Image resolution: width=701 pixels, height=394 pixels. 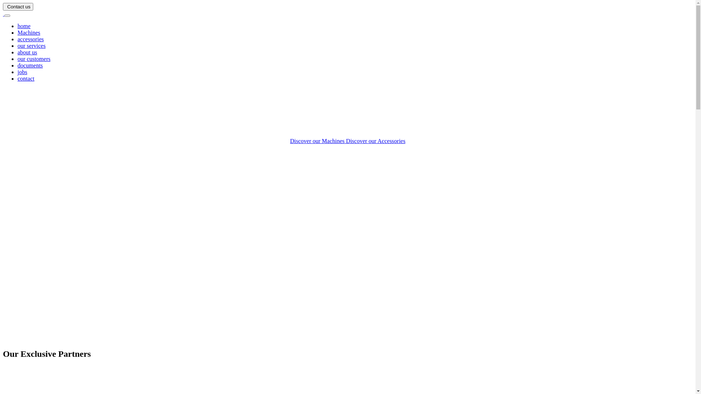 I want to click on 'our customers', so click(x=33, y=58).